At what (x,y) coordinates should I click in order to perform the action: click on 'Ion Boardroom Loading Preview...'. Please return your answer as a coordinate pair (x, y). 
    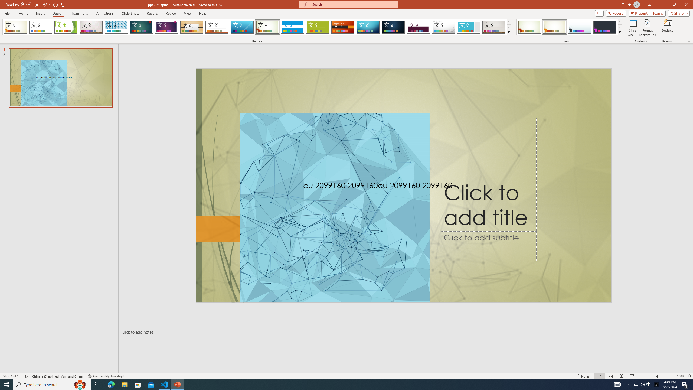
    Looking at the image, I should click on (166, 27).